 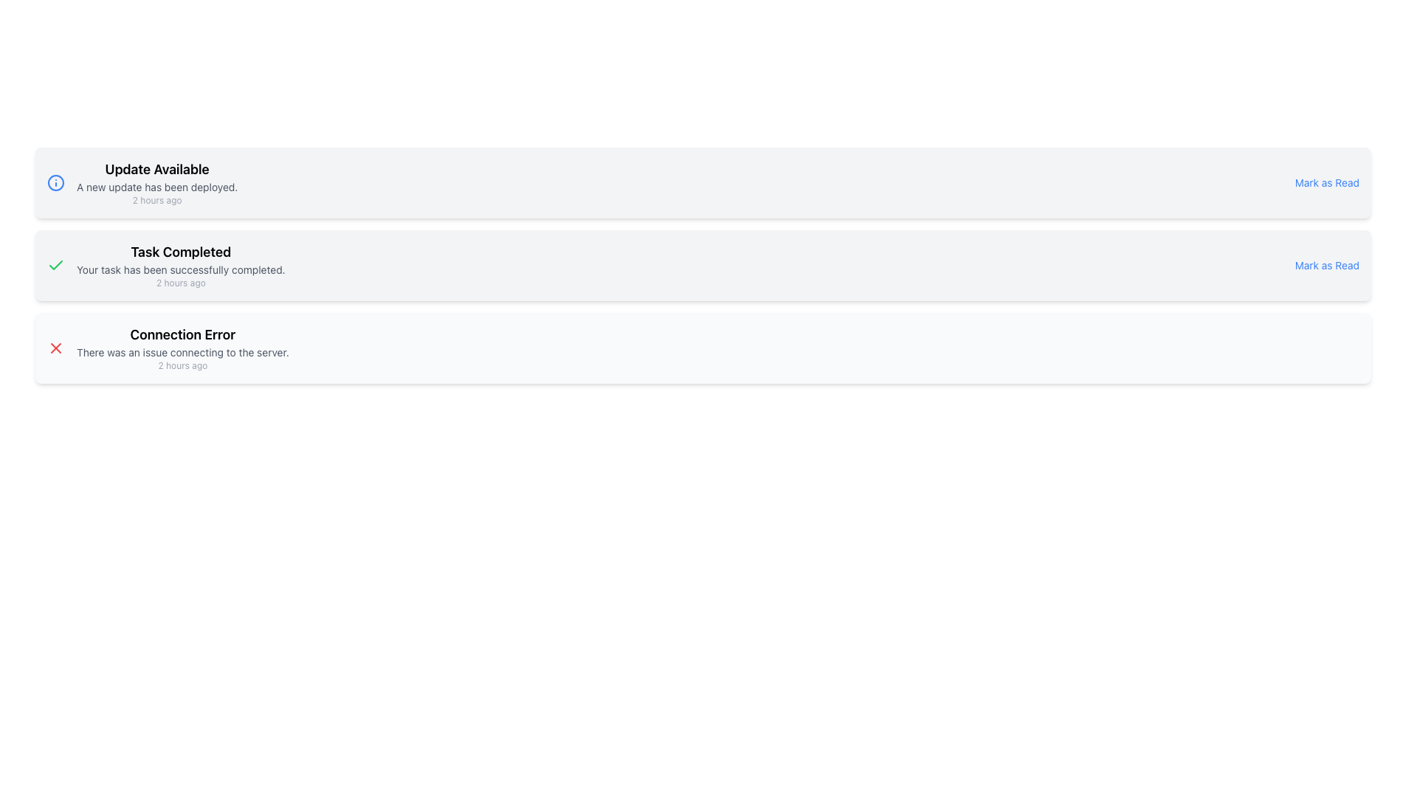 What do you see at coordinates (56, 348) in the screenshot?
I see `the error icon within the 'Connection Error' notification block, positioned at the left side near the beginning, for visual feedback` at bounding box center [56, 348].